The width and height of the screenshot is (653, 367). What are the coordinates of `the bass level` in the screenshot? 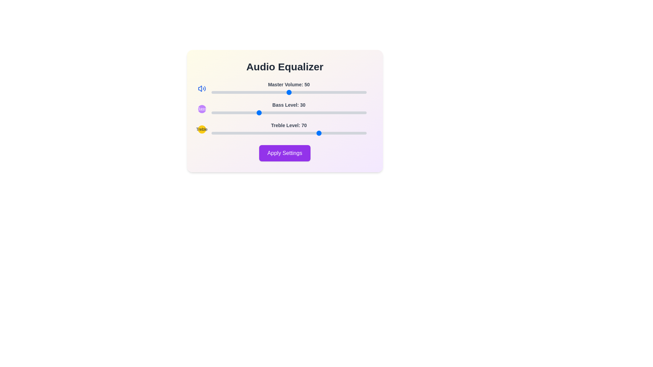 It's located at (280, 112).